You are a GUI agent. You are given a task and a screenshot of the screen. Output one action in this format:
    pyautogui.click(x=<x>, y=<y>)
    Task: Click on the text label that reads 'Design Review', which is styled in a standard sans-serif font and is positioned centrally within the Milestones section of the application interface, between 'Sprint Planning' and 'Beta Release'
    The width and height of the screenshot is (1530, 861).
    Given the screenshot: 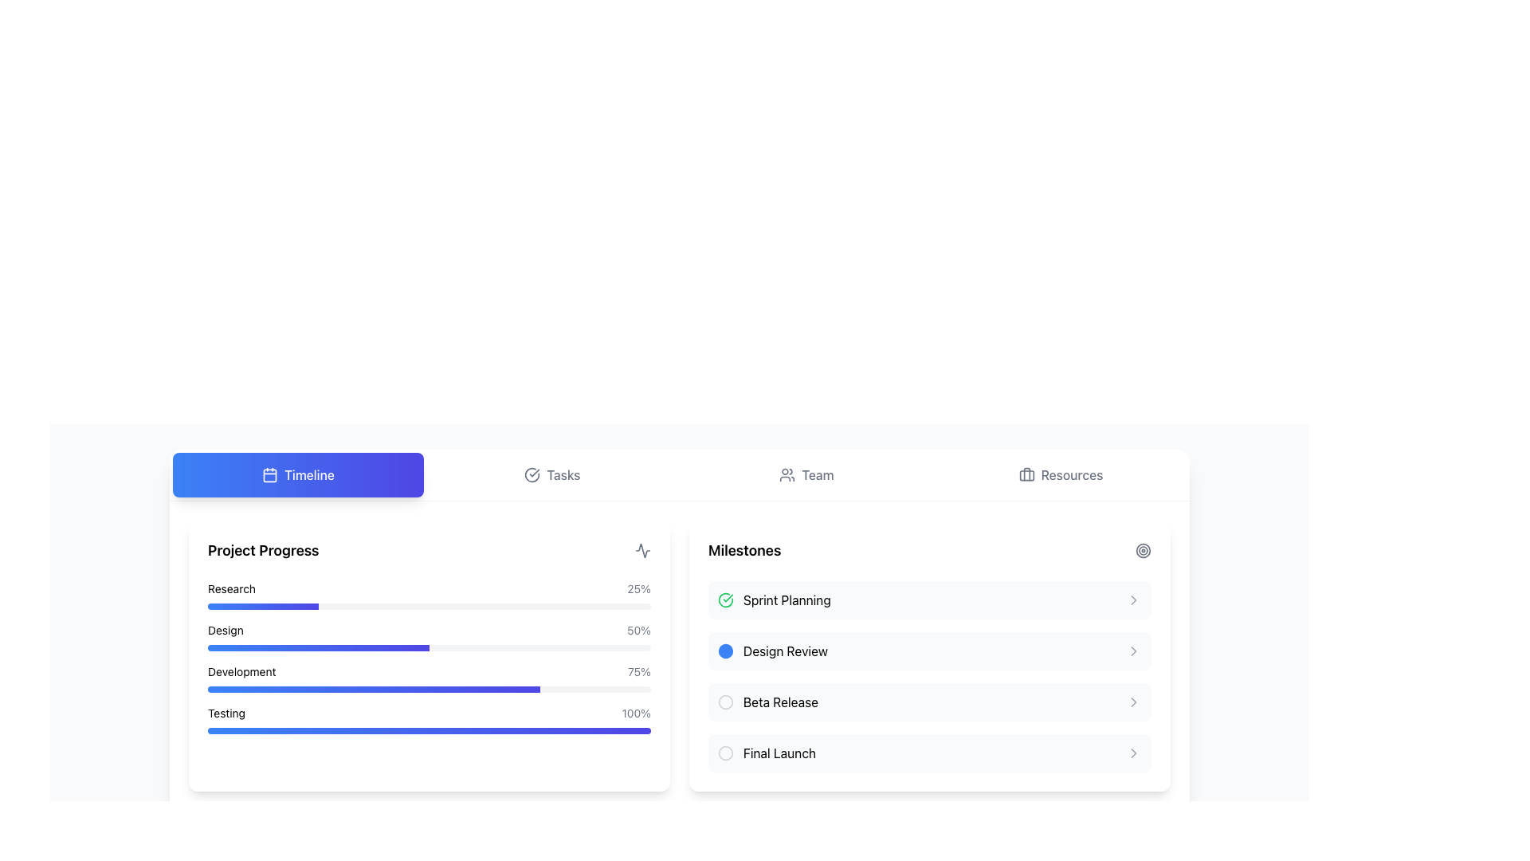 What is the action you would take?
    pyautogui.click(x=785, y=651)
    